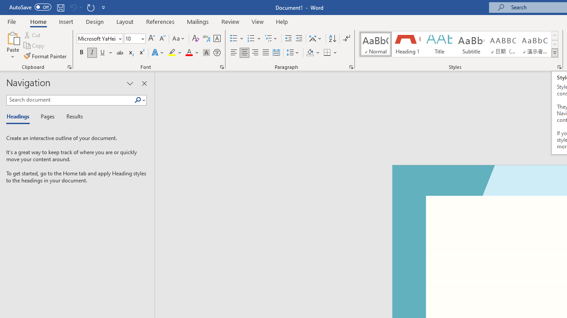  What do you see at coordinates (310, 53) in the screenshot?
I see `'Shading RGB(0, 0, 0)'` at bounding box center [310, 53].